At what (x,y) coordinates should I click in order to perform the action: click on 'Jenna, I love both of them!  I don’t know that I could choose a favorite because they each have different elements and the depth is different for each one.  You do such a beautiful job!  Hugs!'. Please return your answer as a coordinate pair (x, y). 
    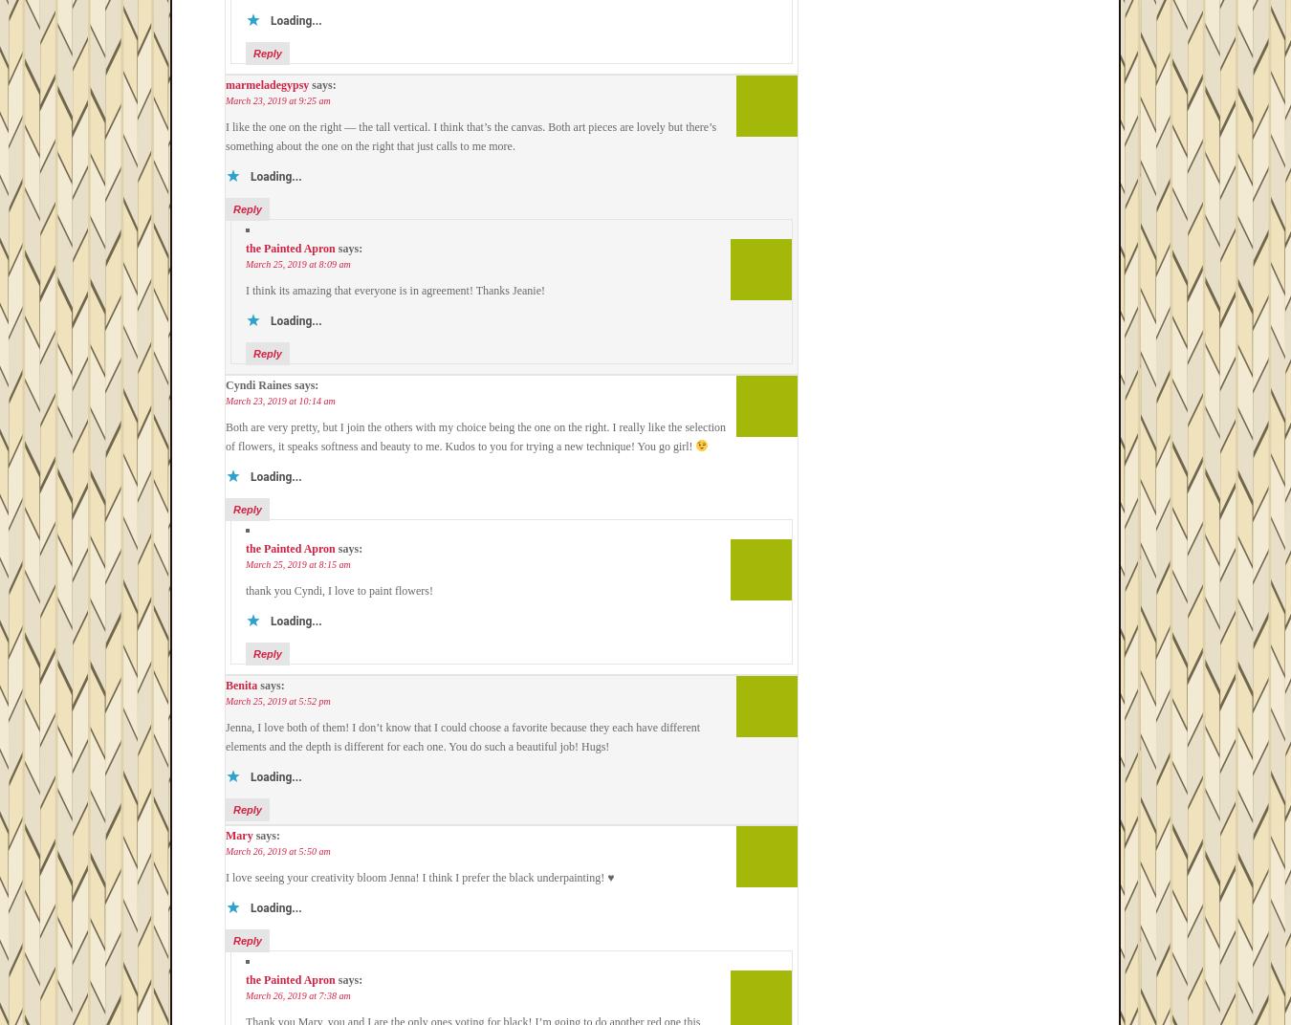
    Looking at the image, I should click on (461, 736).